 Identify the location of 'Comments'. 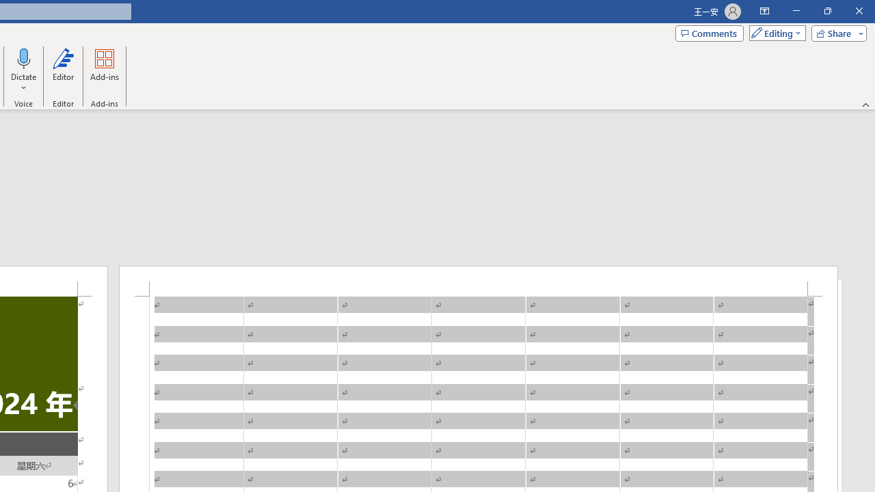
(710, 32).